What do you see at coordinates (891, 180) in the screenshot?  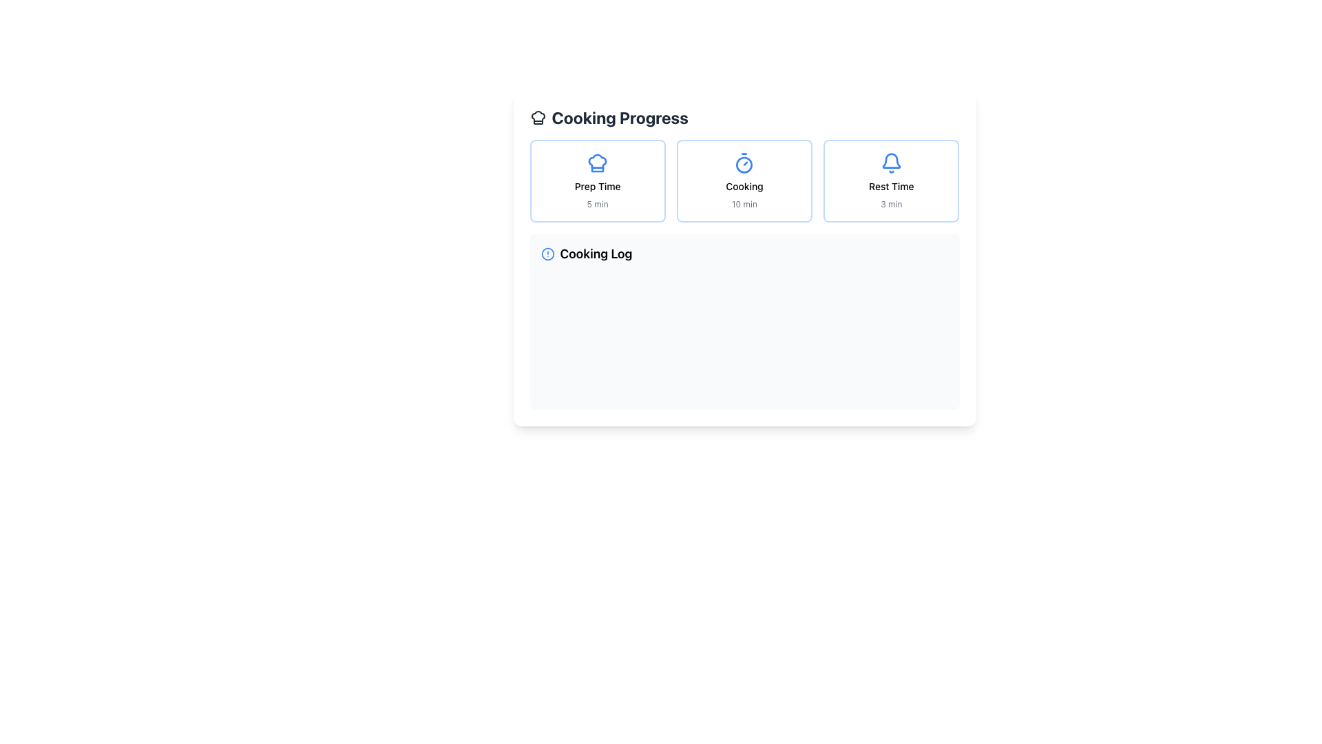 I see `the third card in the grid, which contains a blue bell icon and the text 'Rest Time', for accessibility focus` at bounding box center [891, 180].